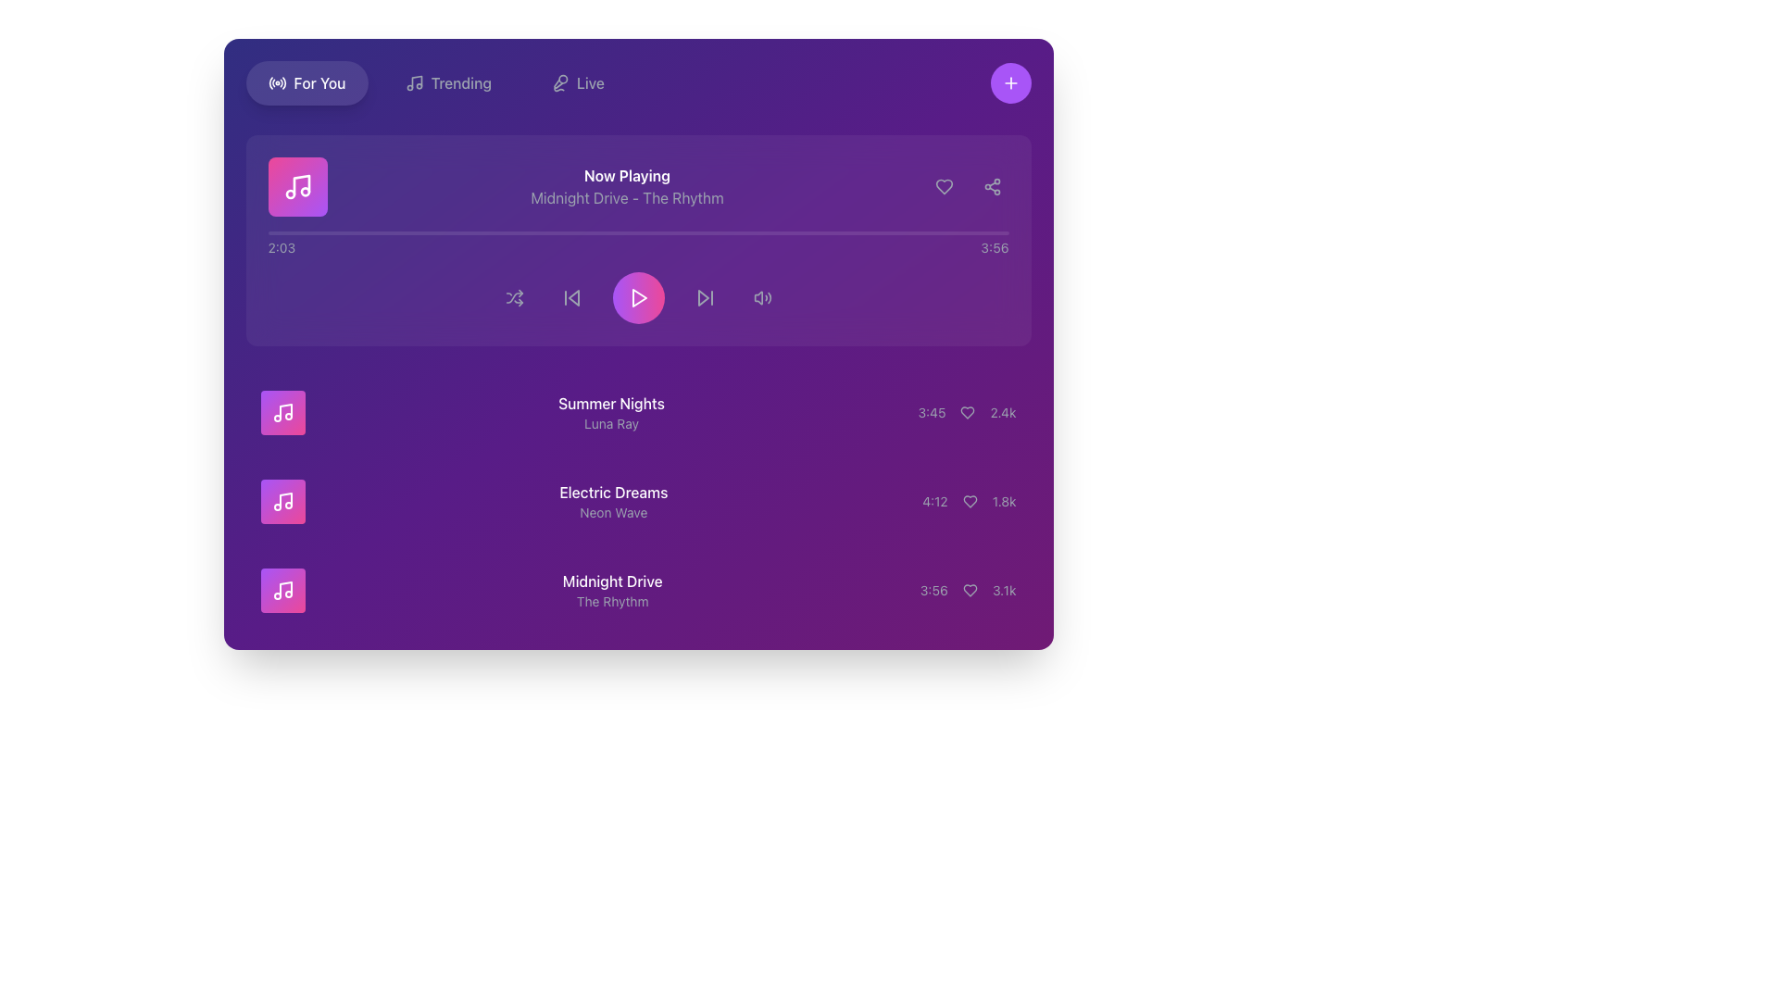 The width and height of the screenshot is (1778, 1000). What do you see at coordinates (297, 186) in the screenshot?
I see `the music note icon, which has a white glyph on a pink` at bounding box center [297, 186].